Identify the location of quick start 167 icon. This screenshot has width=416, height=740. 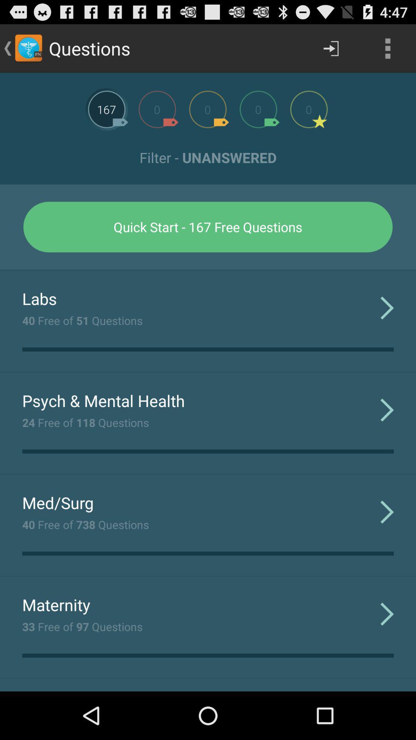
(208, 227).